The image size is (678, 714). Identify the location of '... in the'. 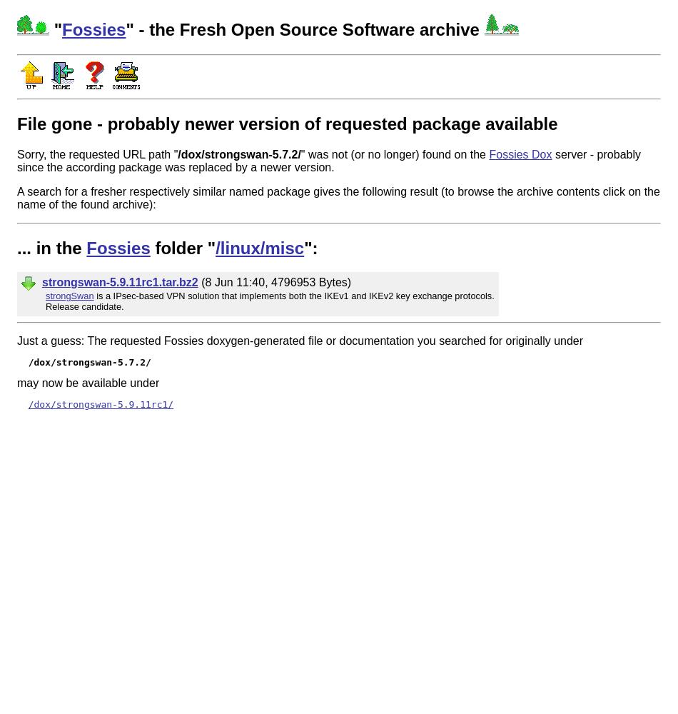
(51, 246).